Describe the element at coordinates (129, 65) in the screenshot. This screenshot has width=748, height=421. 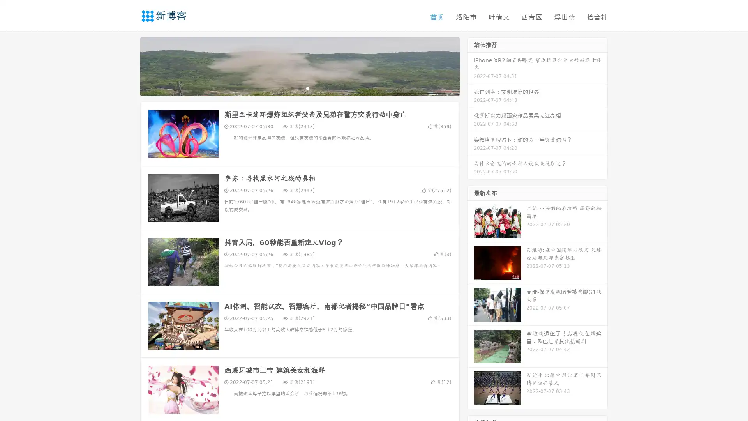
I see `Previous slide` at that location.